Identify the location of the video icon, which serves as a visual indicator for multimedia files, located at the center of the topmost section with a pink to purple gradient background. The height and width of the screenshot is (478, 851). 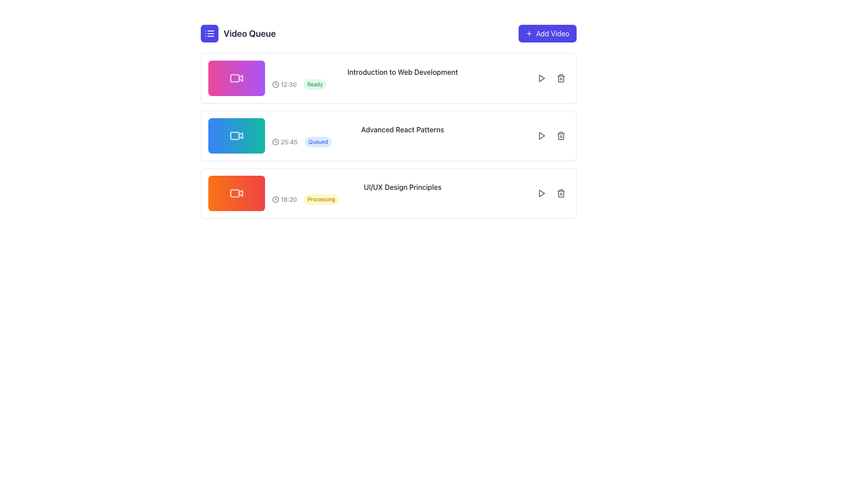
(236, 78).